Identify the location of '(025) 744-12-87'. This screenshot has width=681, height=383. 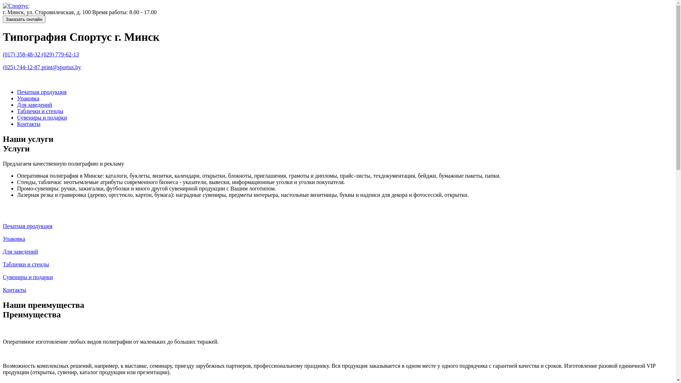
(3, 67).